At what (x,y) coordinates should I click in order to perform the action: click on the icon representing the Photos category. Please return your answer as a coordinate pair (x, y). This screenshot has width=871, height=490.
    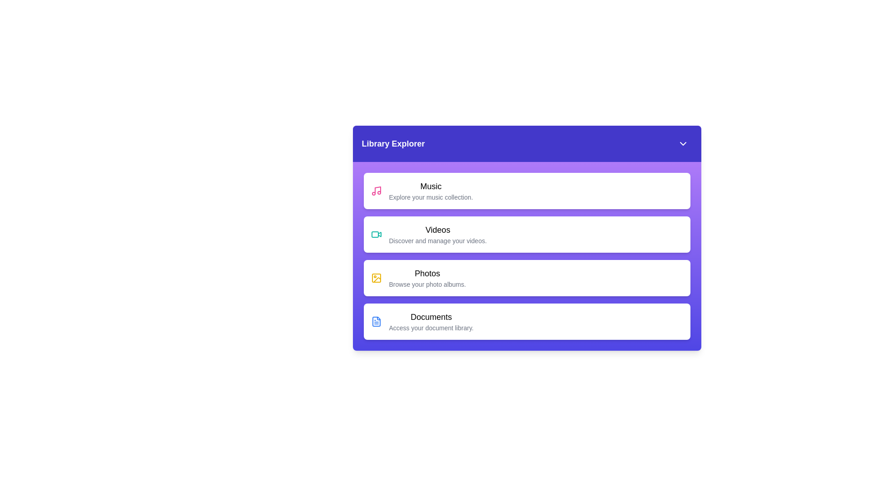
    Looking at the image, I should click on (376, 278).